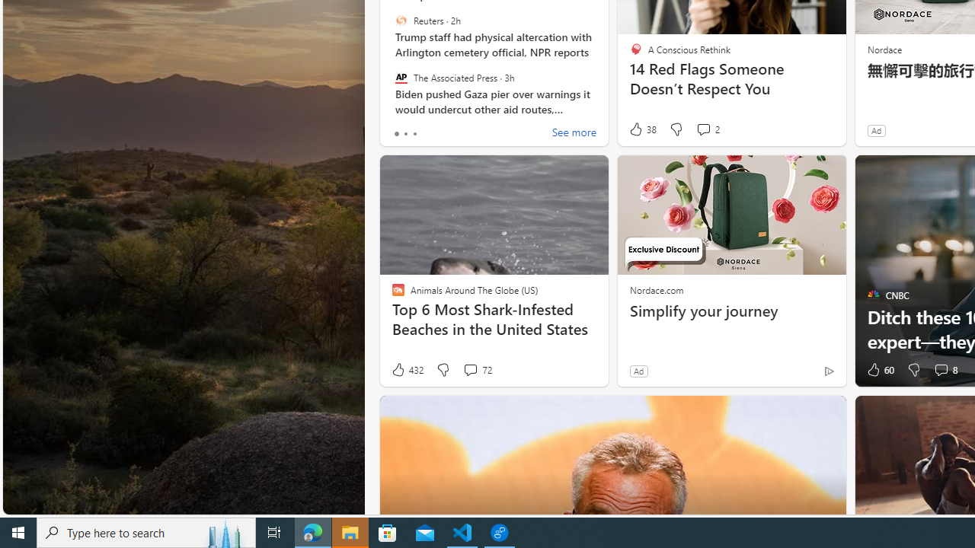 The image size is (975, 548). What do you see at coordinates (944, 370) in the screenshot?
I see `'View comments 8 Comment'` at bounding box center [944, 370].